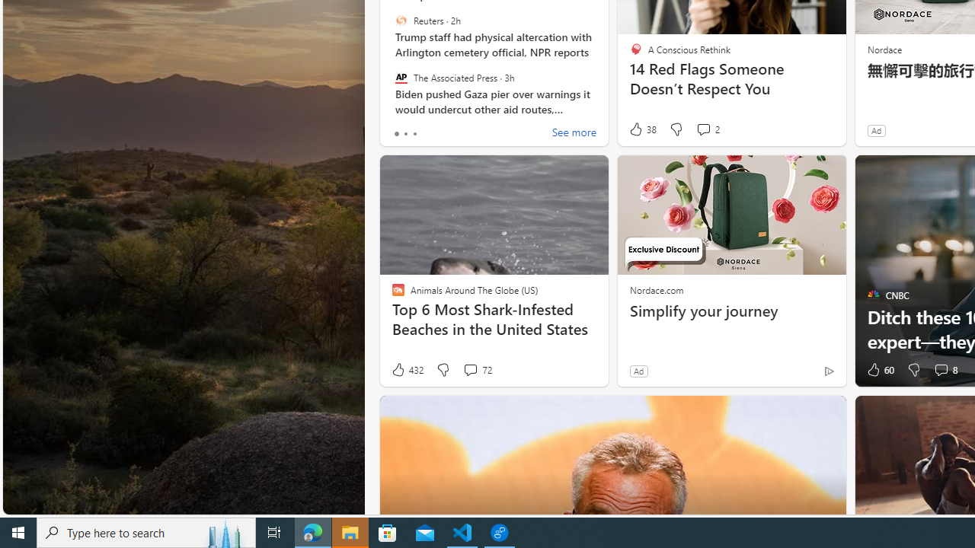 The image size is (975, 548). What do you see at coordinates (944, 370) in the screenshot?
I see `'View comments 8 Comment'` at bounding box center [944, 370].